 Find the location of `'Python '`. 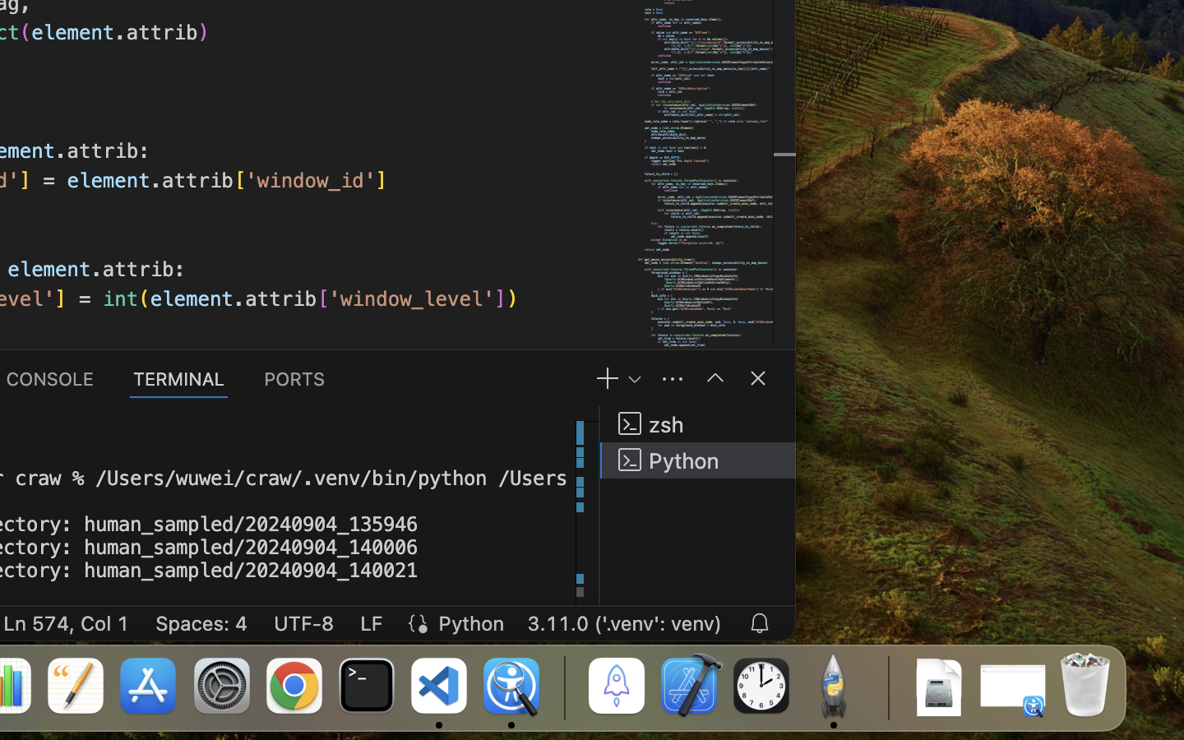

'Python ' is located at coordinates (697, 459).